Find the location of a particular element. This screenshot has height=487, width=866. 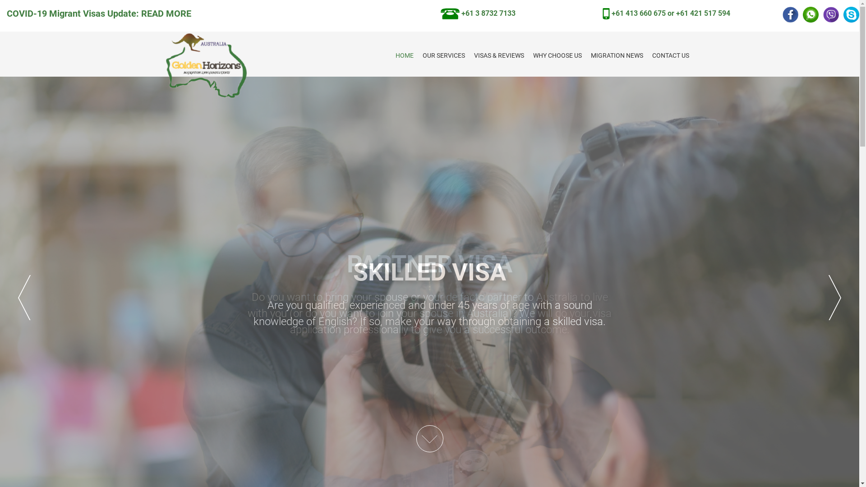

'HOME' is located at coordinates (404, 55).